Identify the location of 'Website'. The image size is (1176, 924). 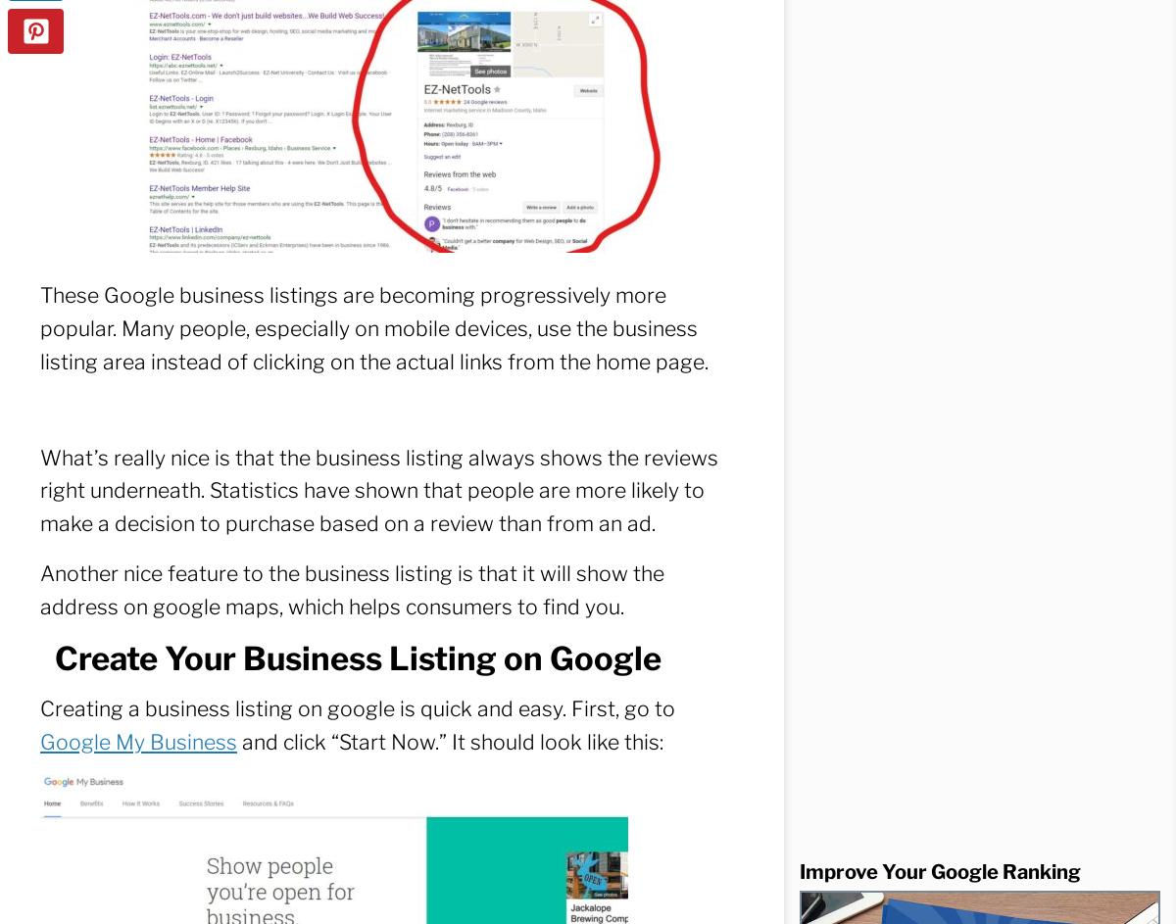
(78, 195).